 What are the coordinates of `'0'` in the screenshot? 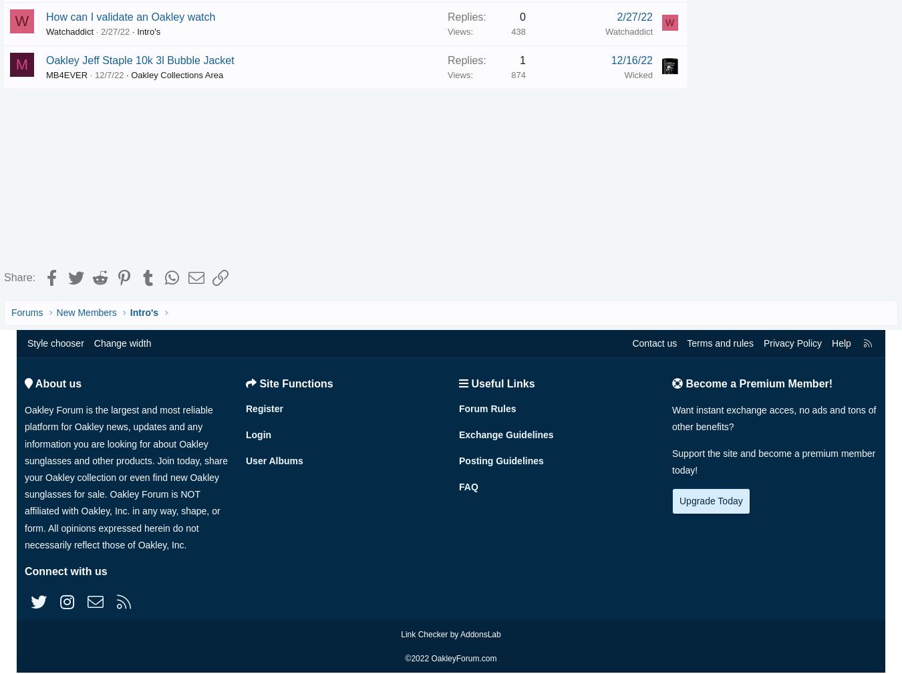 It's located at (502, 16).